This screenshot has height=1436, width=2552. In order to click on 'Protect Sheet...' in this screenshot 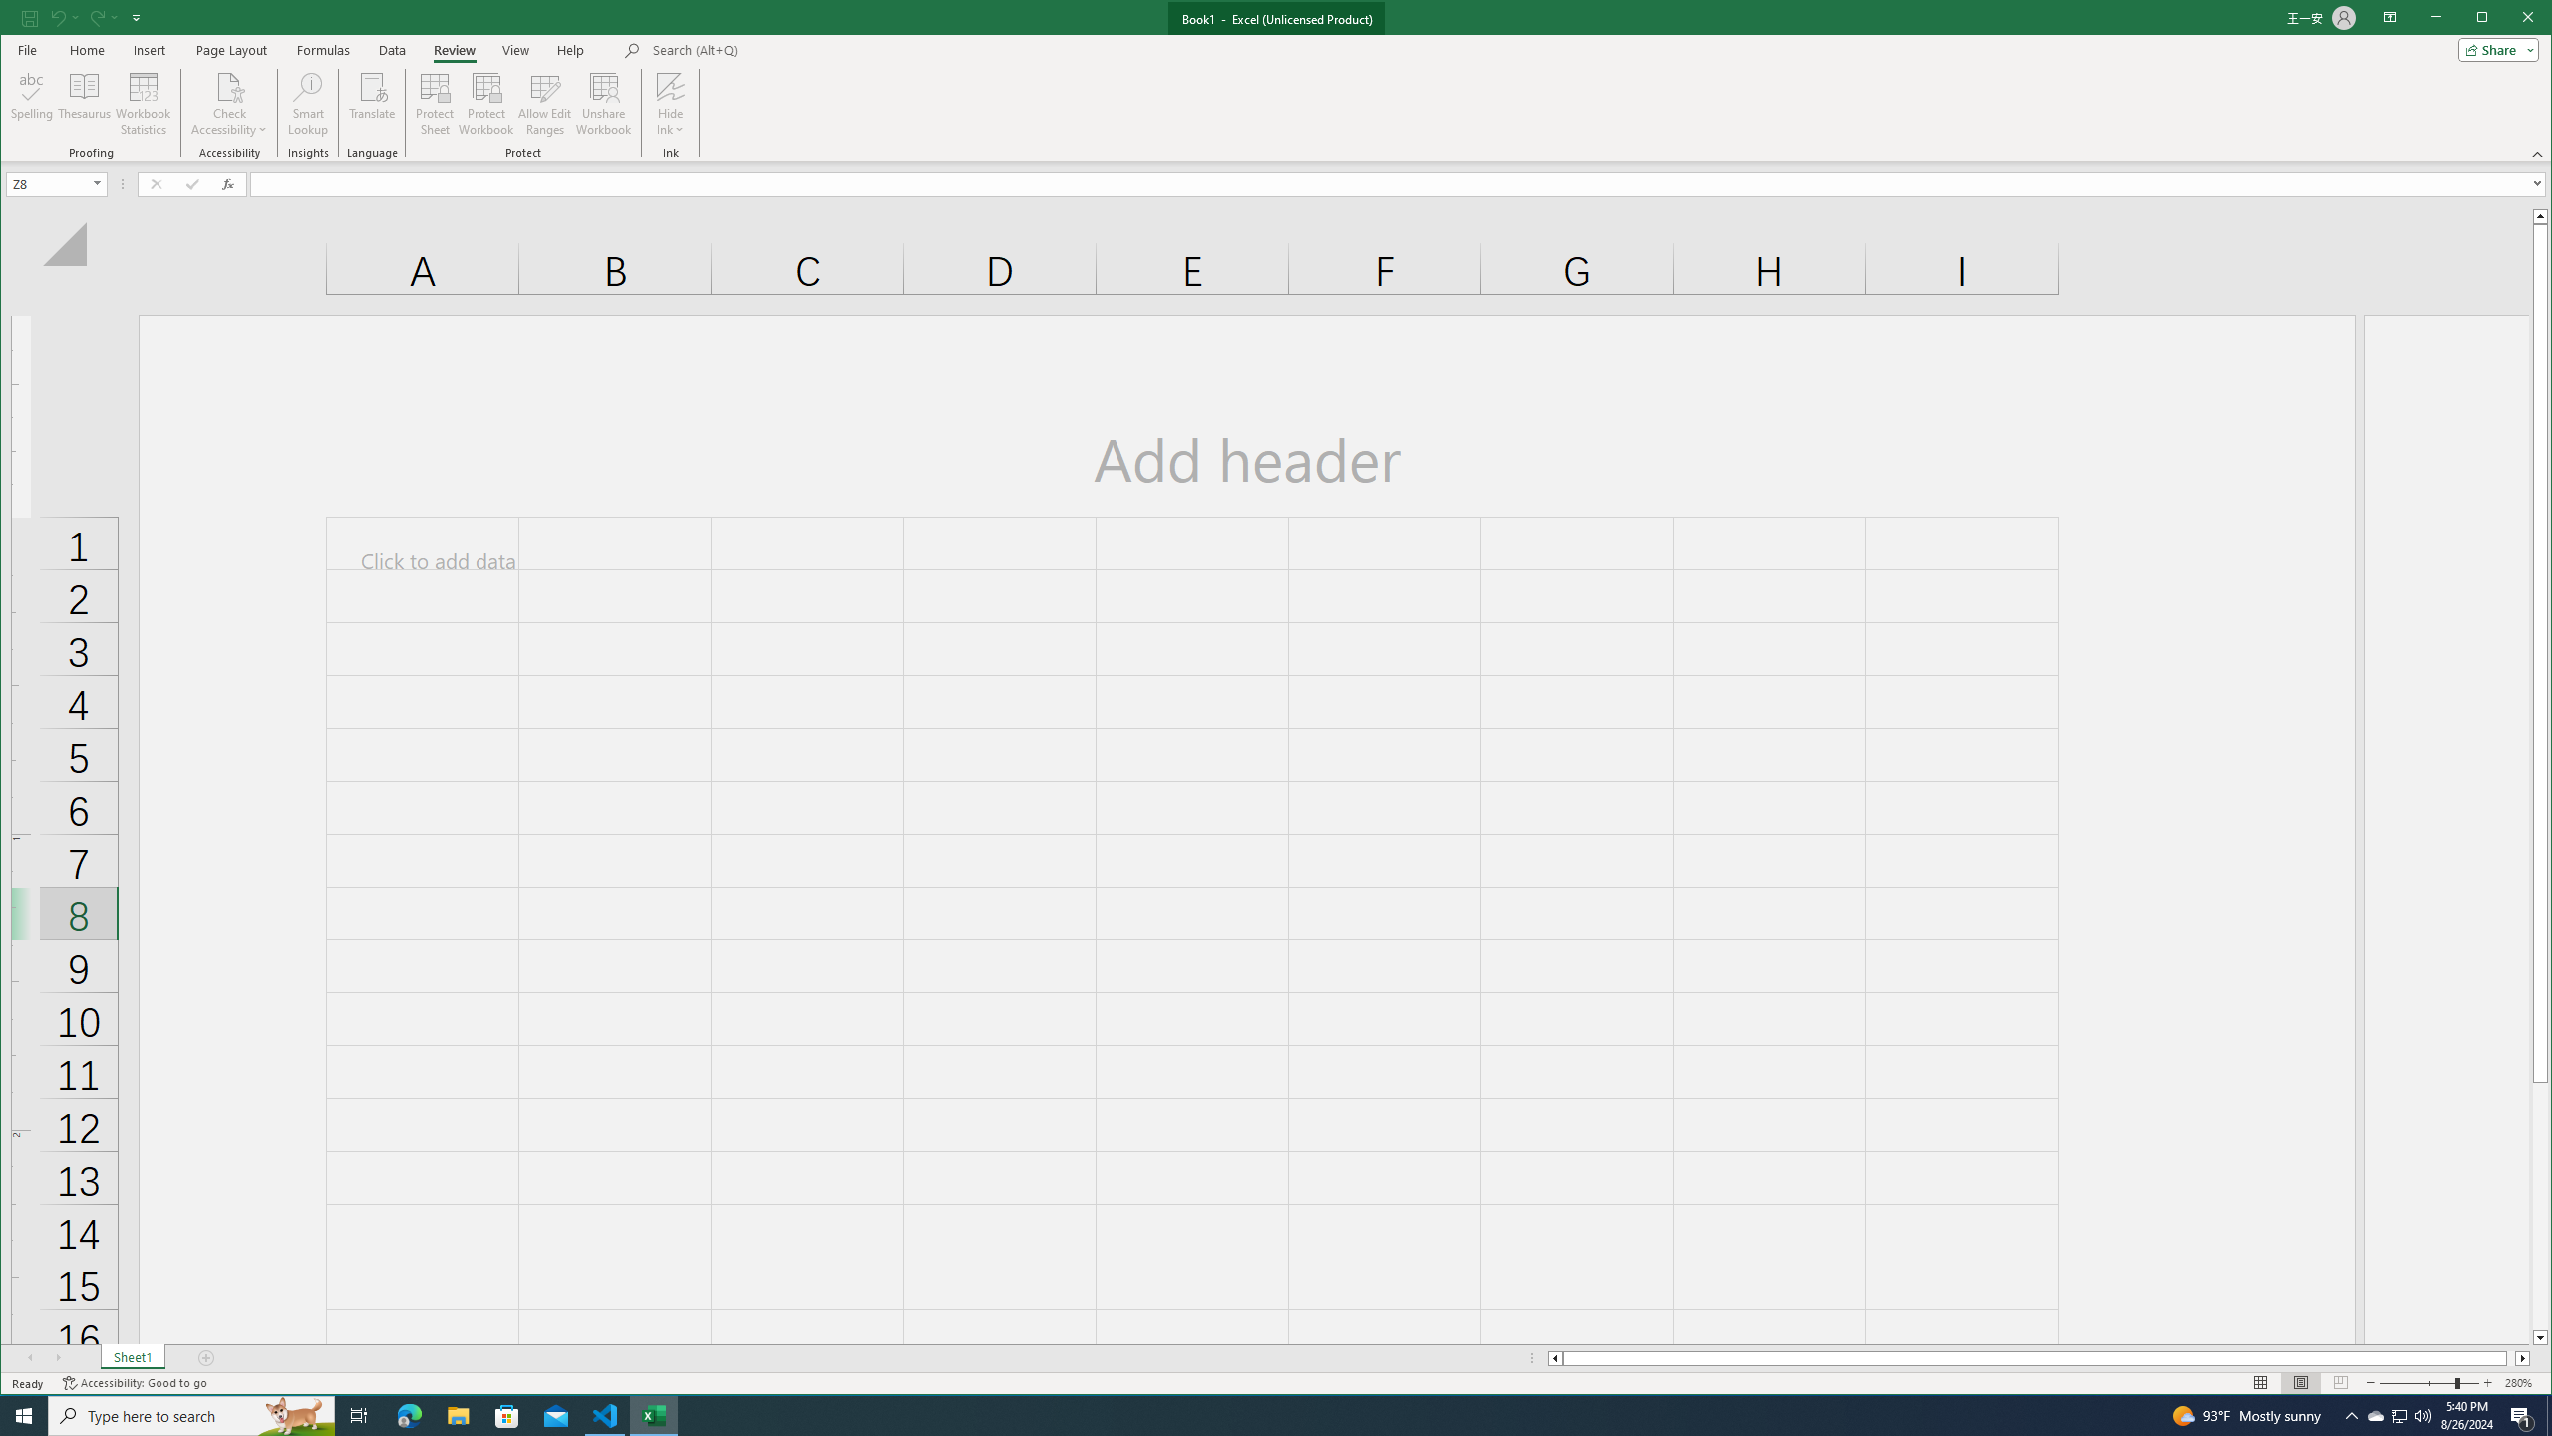, I will do `click(435, 103)`.